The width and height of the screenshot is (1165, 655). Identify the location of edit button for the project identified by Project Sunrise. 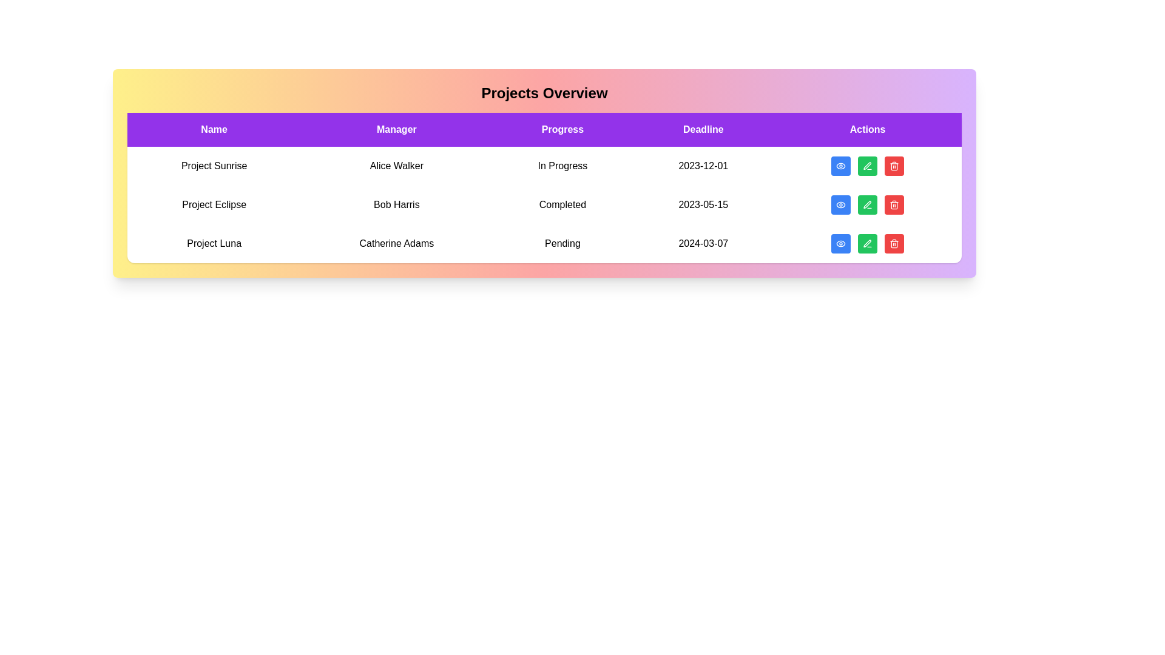
(867, 166).